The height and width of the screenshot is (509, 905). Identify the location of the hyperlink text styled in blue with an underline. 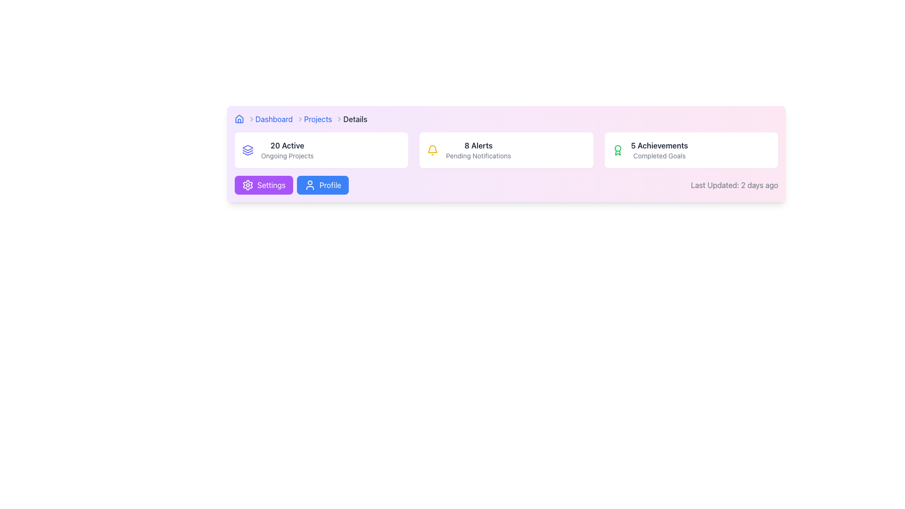
(273, 119).